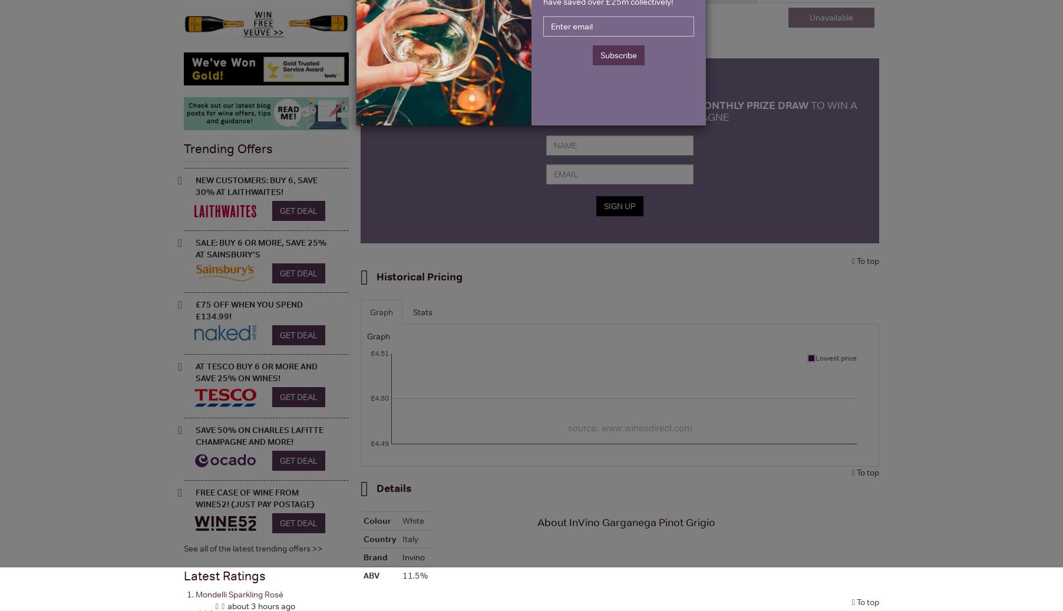  Describe the element at coordinates (618, 54) in the screenshot. I see `'Subscribe'` at that location.